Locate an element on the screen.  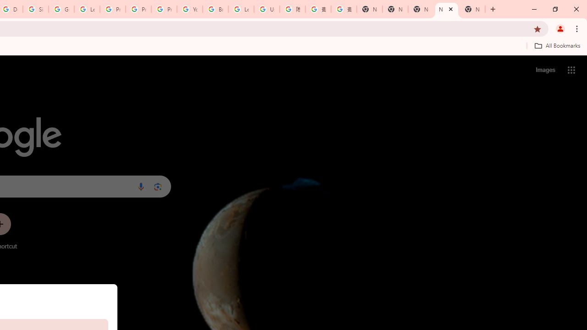
'YouTube' is located at coordinates (189, 9).